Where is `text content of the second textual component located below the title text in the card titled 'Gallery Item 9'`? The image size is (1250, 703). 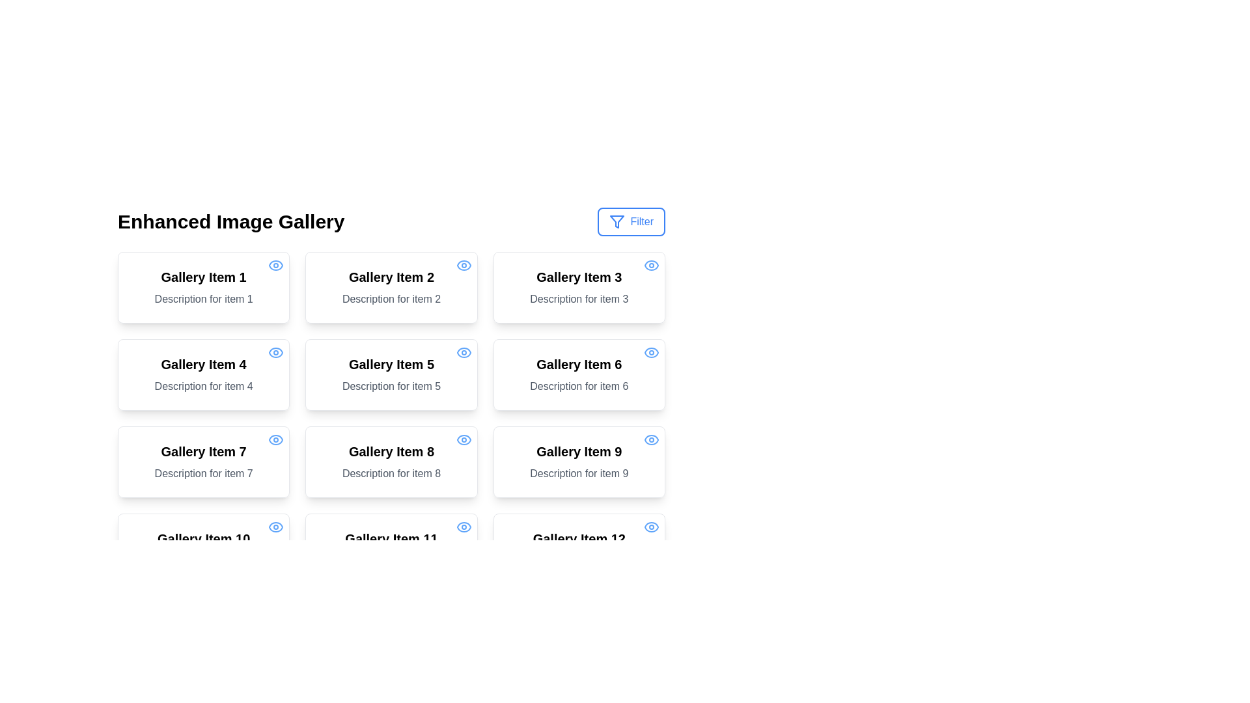
text content of the second textual component located below the title text in the card titled 'Gallery Item 9' is located at coordinates (578, 474).